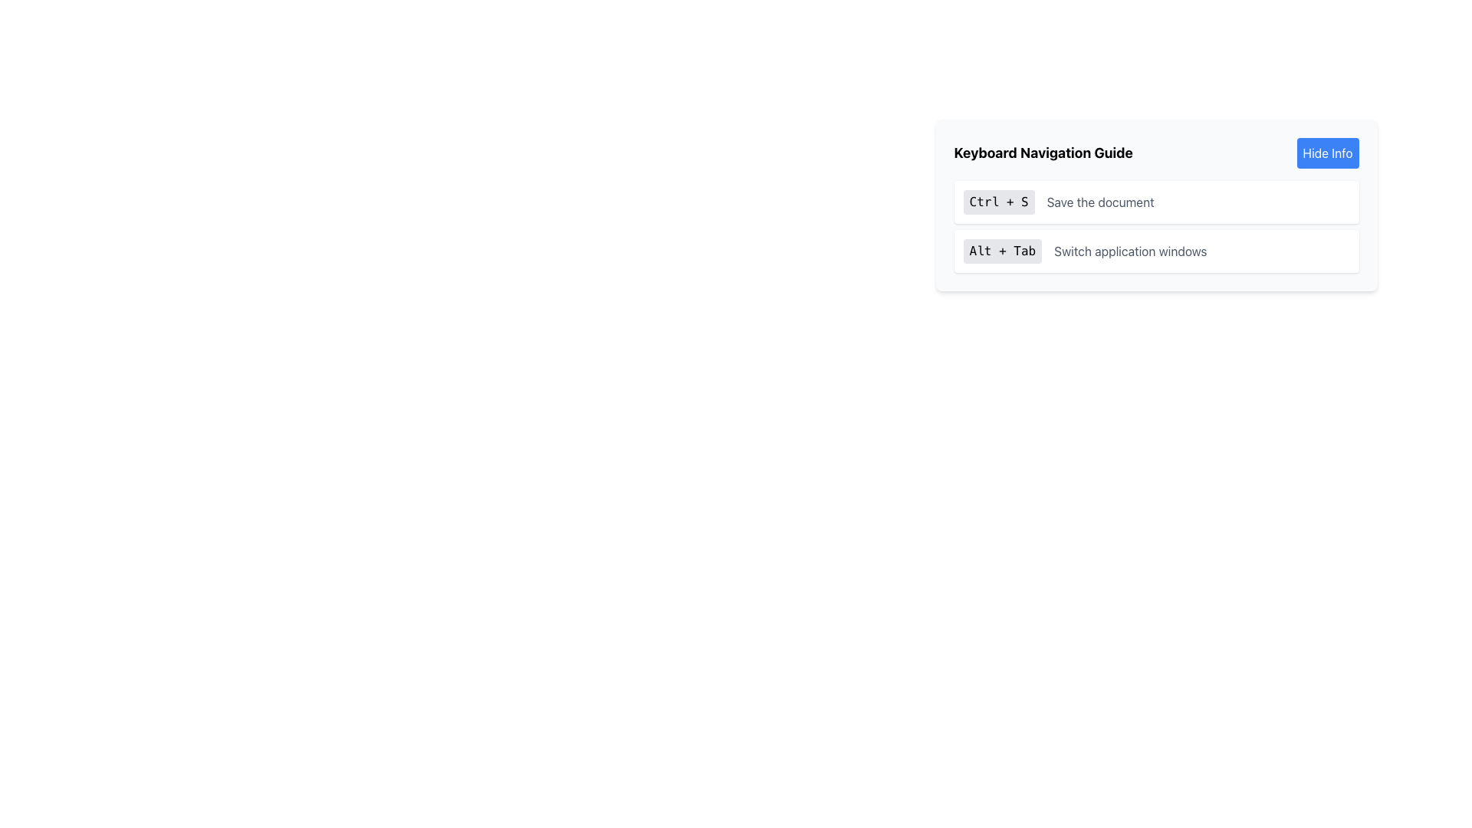  Describe the element at coordinates (1156, 201) in the screenshot. I see `keyboard shortcut instruction indicating 'Ctrl + S' will save the open document, located at the top-right corner of the interface in the 'Keyboard Navigation Guide' section` at that location.